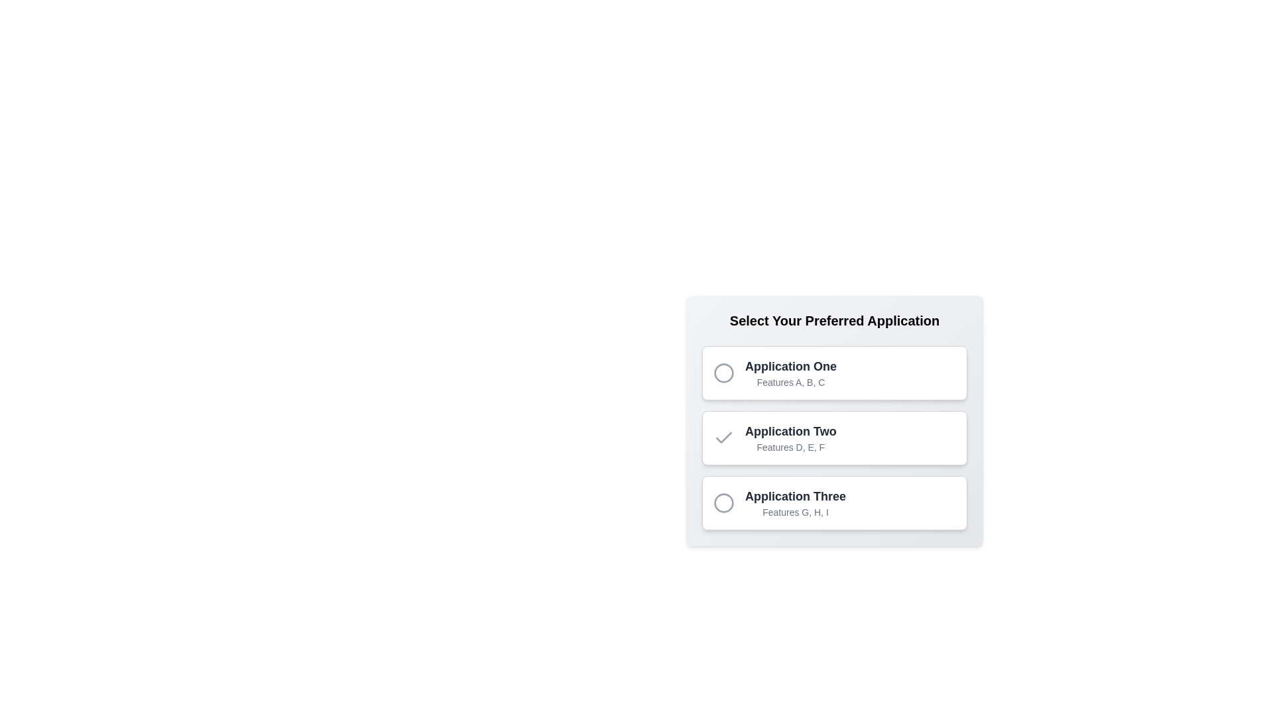 The height and width of the screenshot is (716, 1273). What do you see at coordinates (790, 447) in the screenshot?
I see `the static text label displaying 'Features D, E, F' to gain focus, which is located below the title 'Application Two' in the second selectable option of the vertical list` at bounding box center [790, 447].